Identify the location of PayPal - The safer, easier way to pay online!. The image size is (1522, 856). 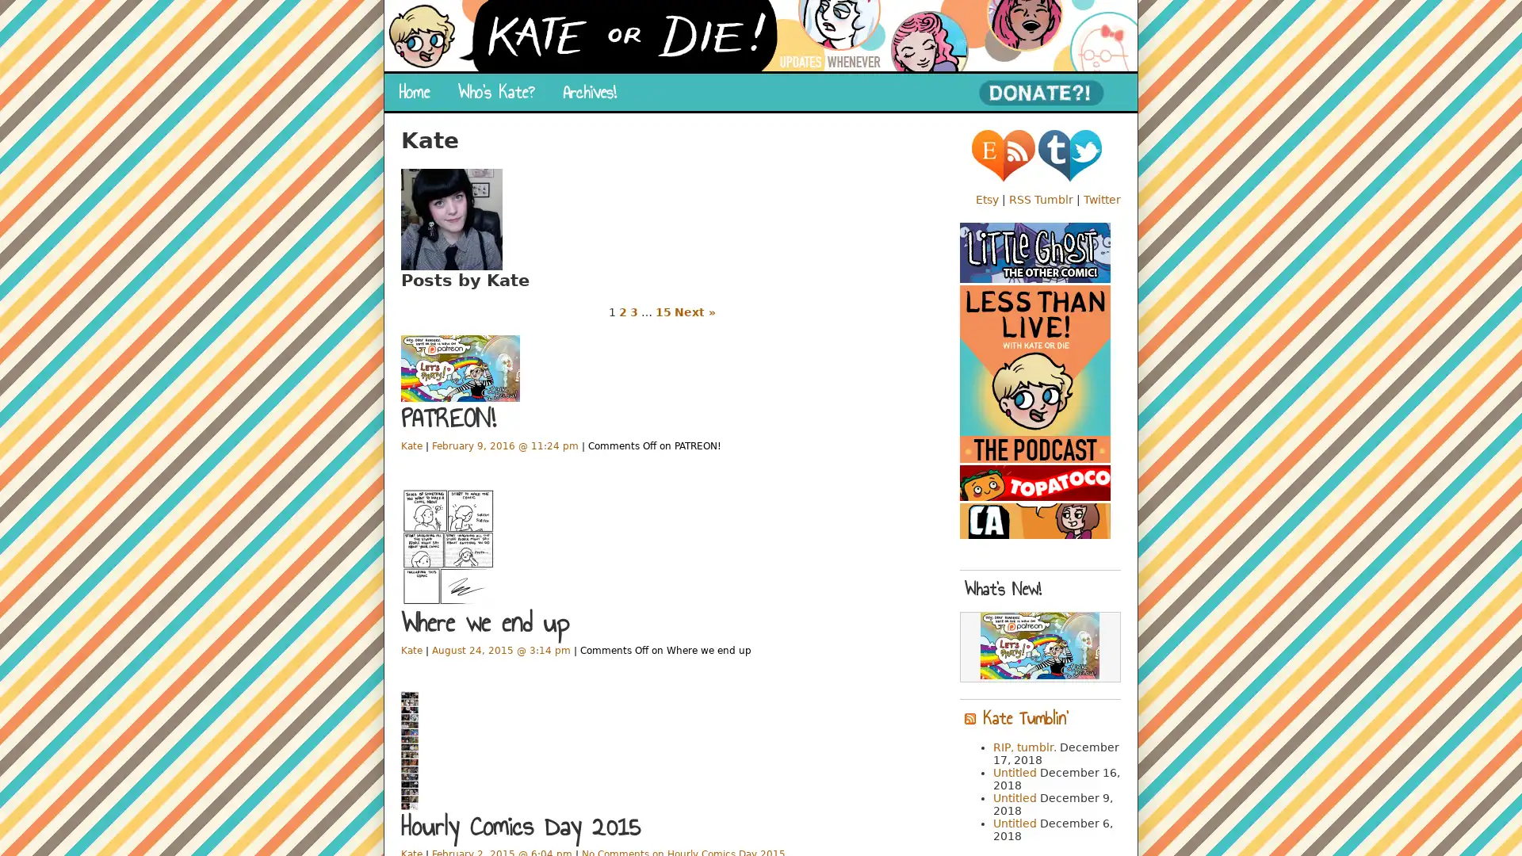
(1040, 93).